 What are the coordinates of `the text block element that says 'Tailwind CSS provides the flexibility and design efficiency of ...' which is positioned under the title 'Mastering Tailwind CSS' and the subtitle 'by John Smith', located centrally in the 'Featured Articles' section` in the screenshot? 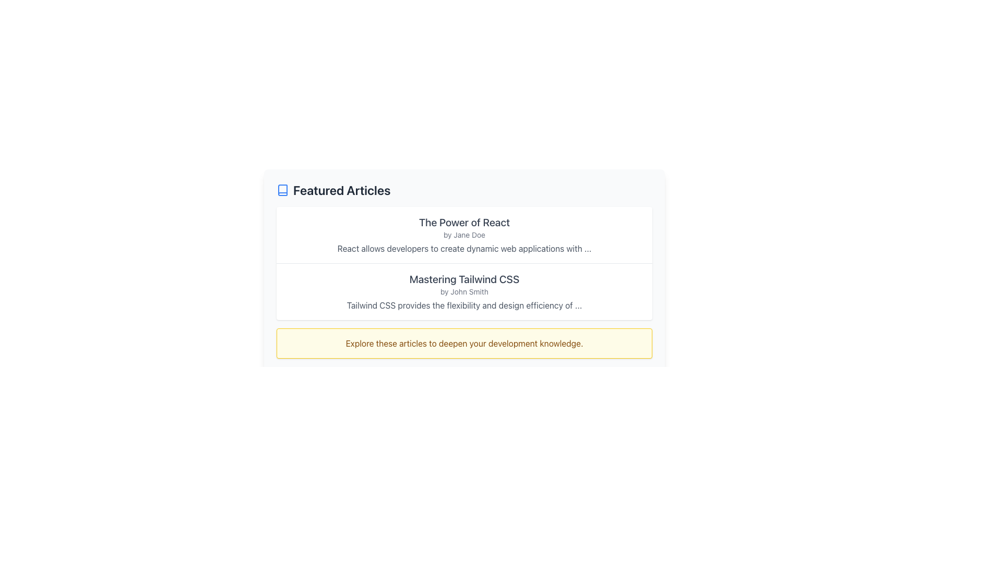 It's located at (463, 305).